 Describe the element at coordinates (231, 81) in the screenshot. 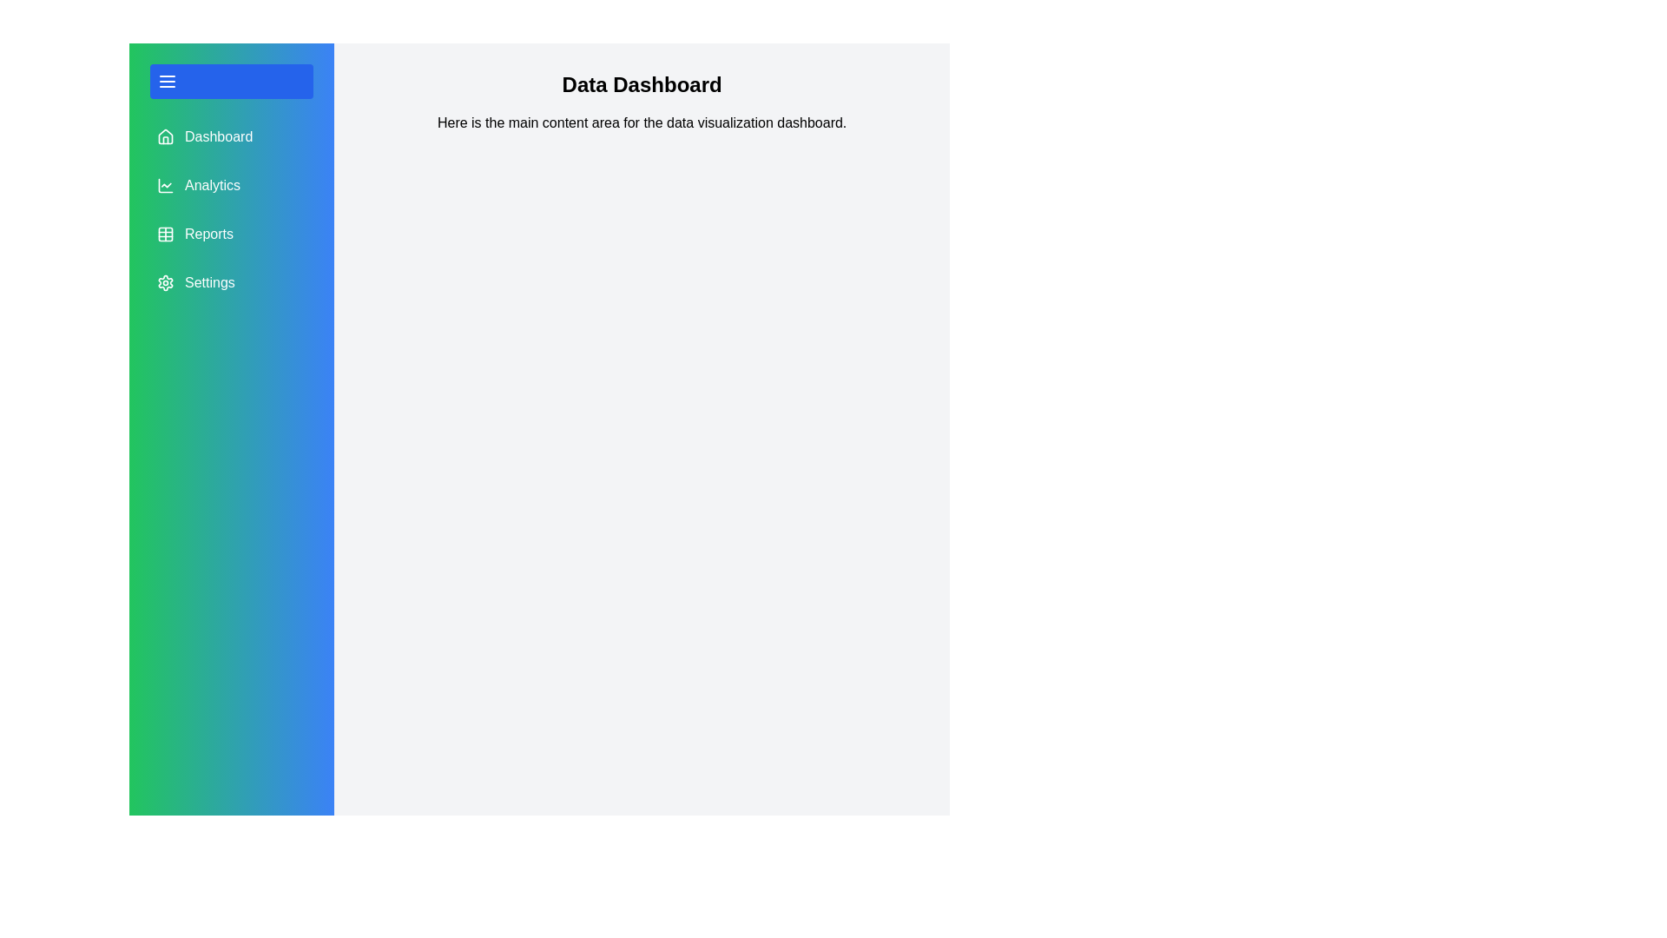

I see `the menu button to toggle the visibility of the side drawer` at that location.